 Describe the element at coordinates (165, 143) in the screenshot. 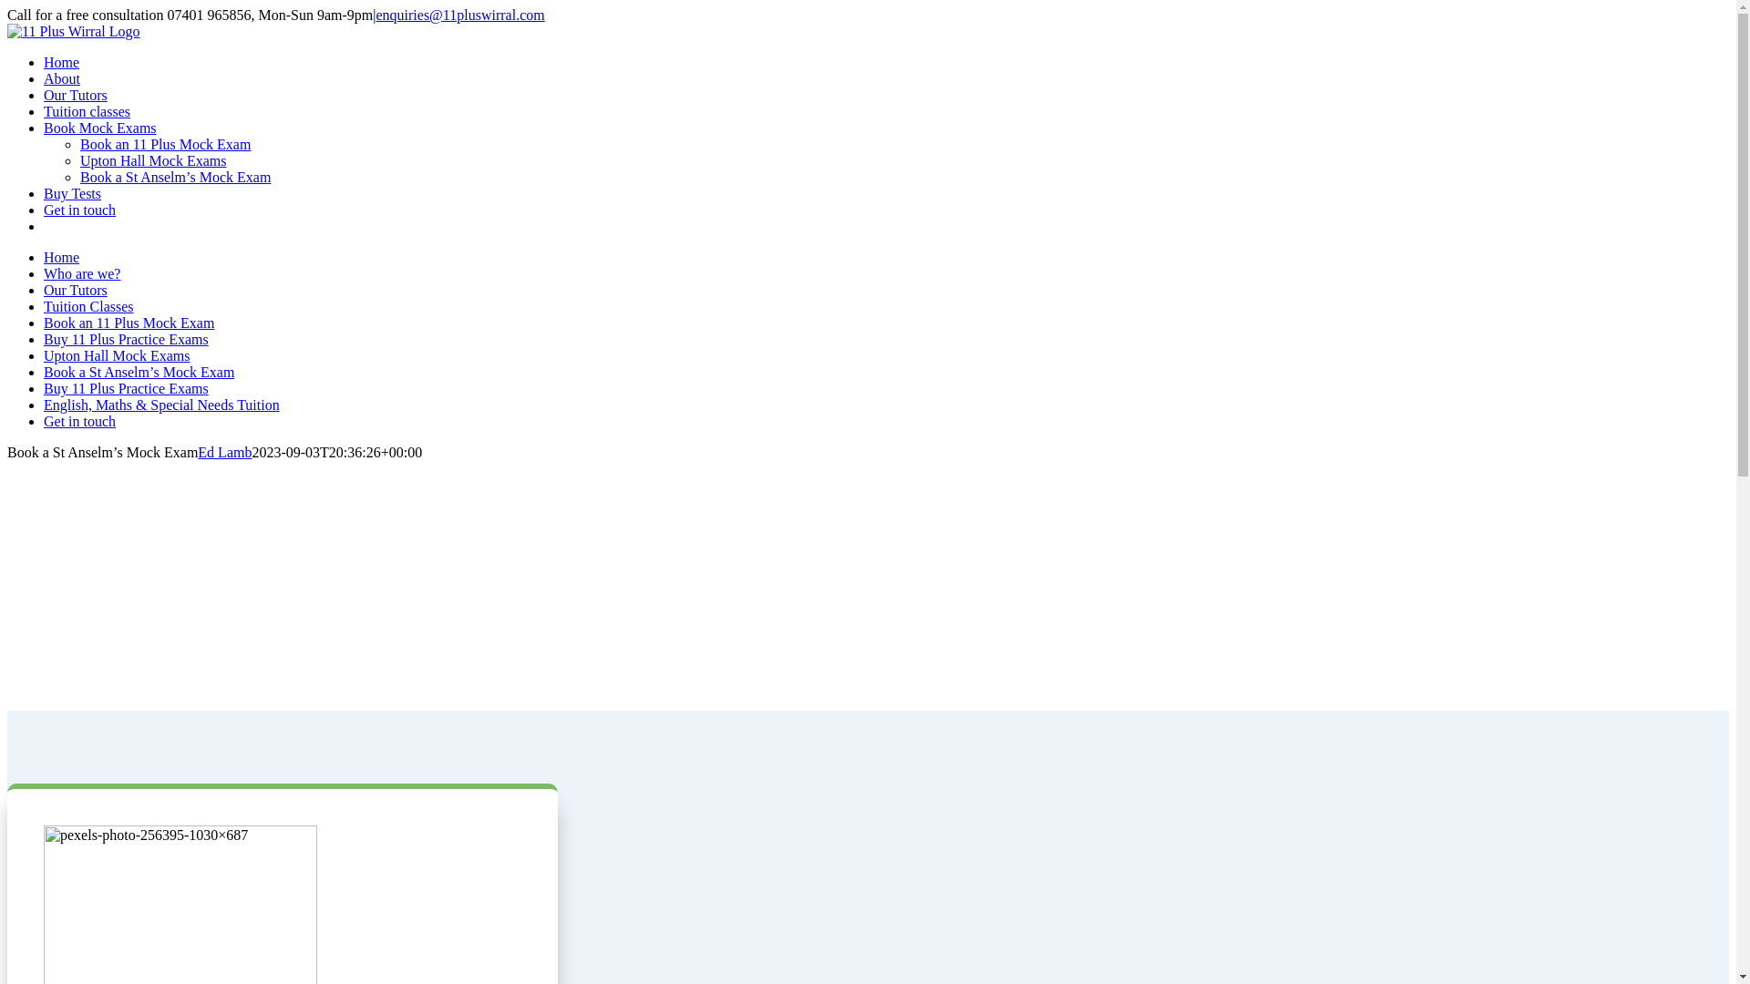

I see `'Book an 11 Plus Mock Exam'` at that location.